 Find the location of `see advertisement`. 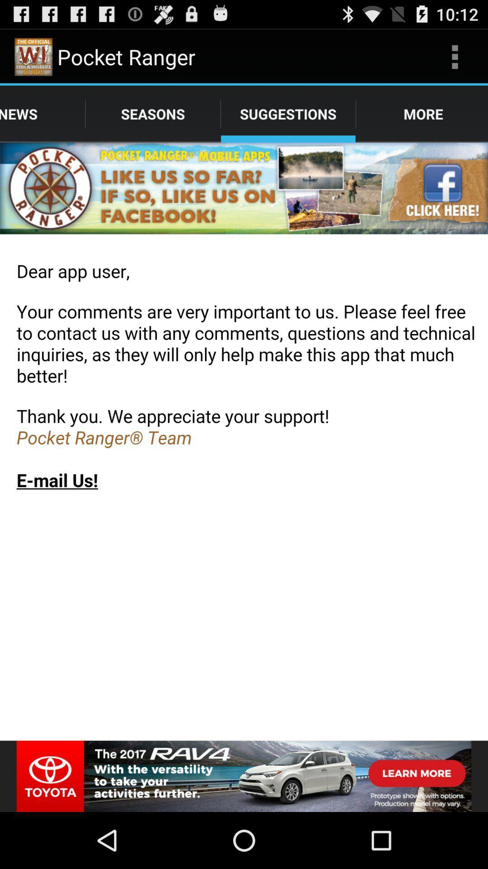

see advertisement is located at coordinates (244, 776).